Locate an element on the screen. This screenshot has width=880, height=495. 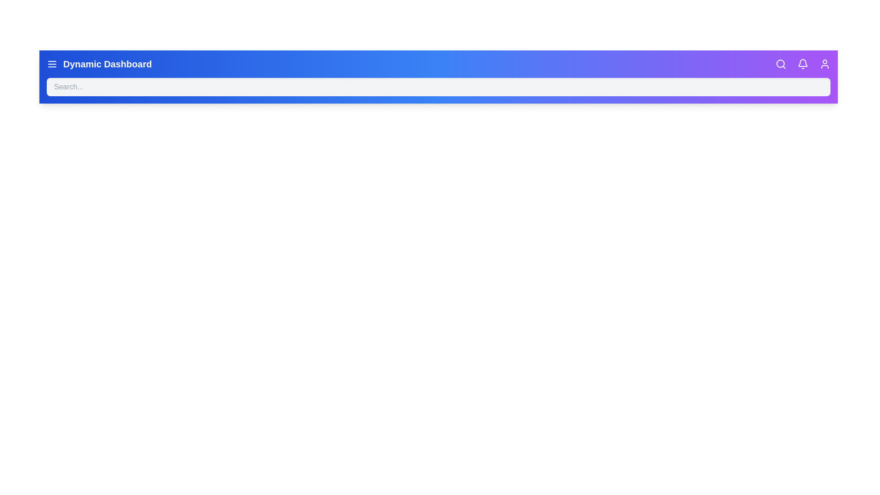
the search input field to focus and highlight its text is located at coordinates (438, 87).